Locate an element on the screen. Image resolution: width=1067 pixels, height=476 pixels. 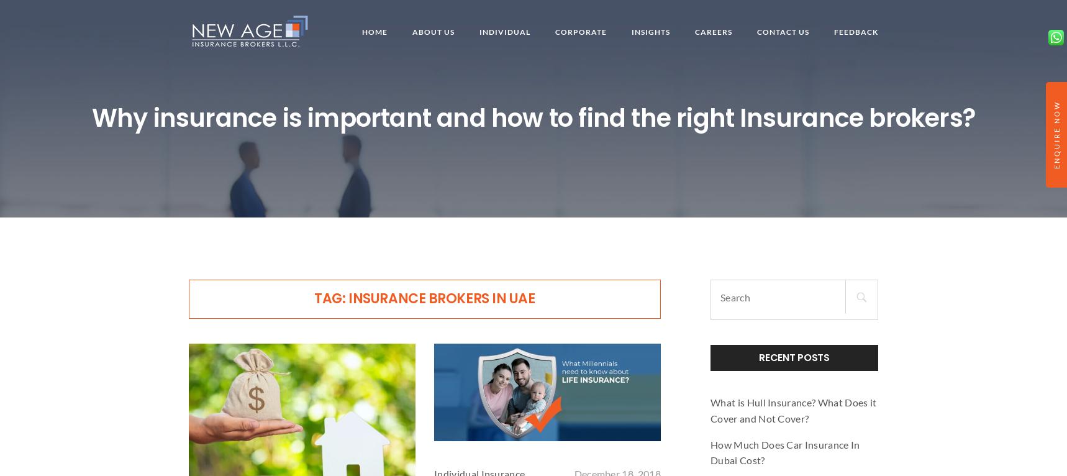
'What is Hull Insurance? What Does it Cover and Not Cover?' is located at coordinates (792, 410).